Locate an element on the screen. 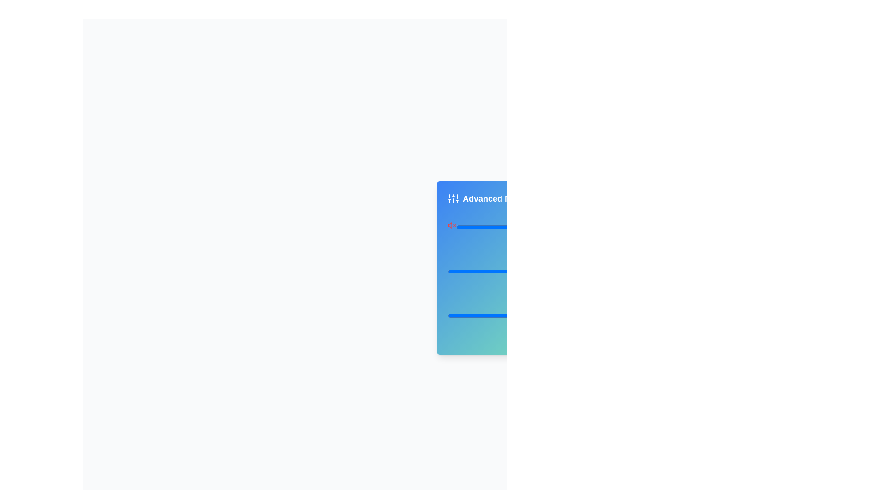  the balance value is located at coordinates (454, 271).